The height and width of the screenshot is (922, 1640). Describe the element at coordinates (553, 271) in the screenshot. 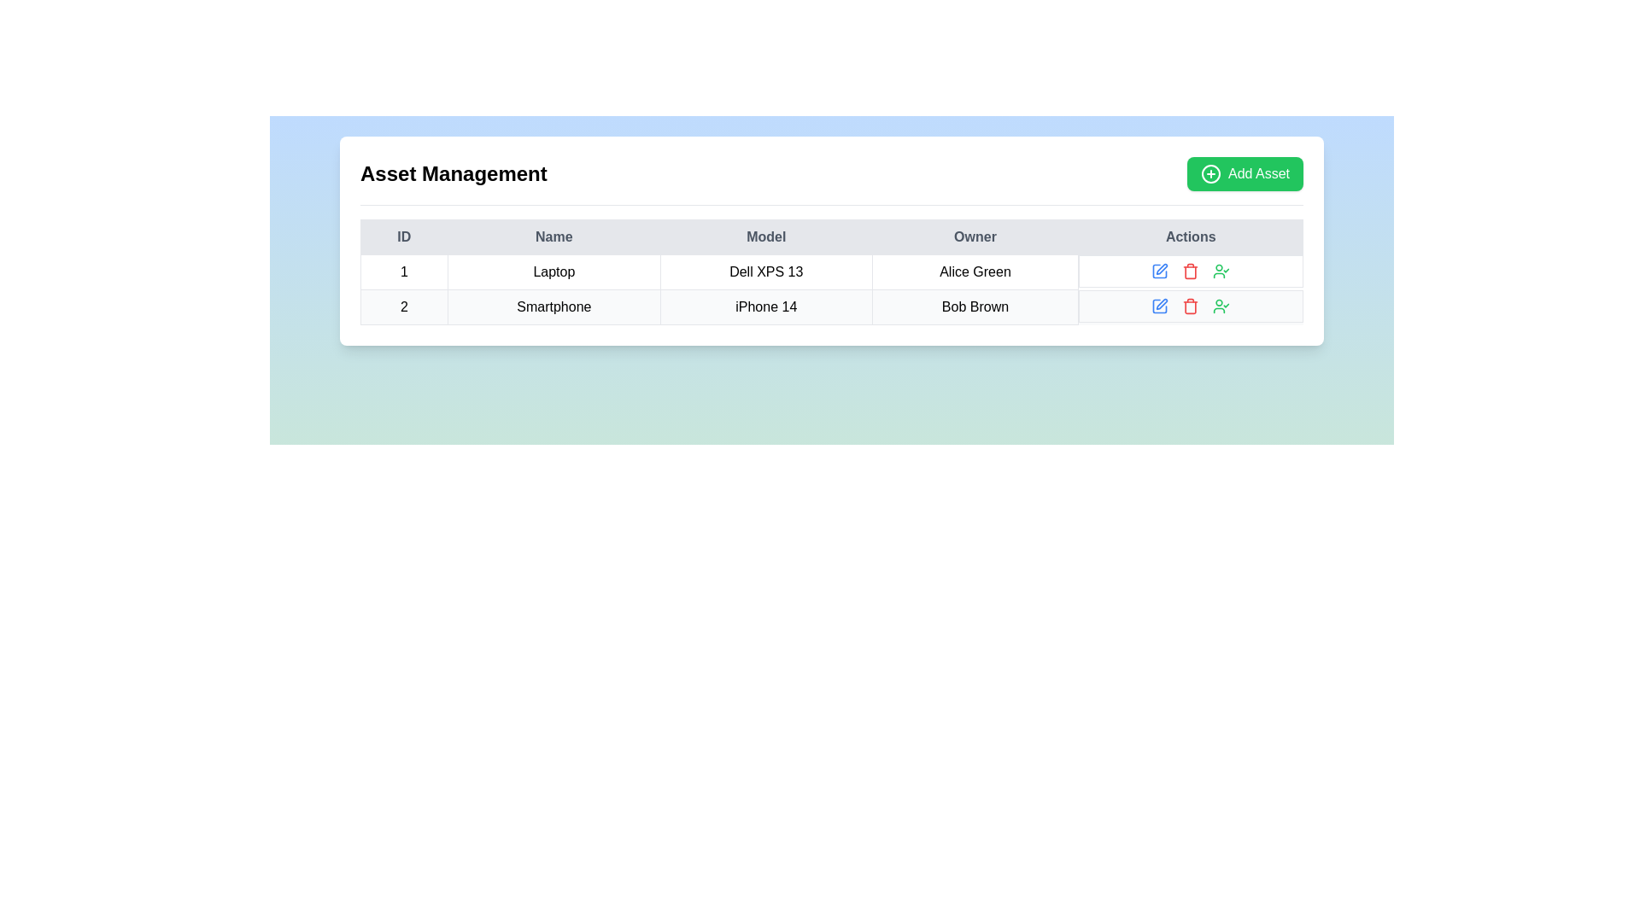

I see `the Text label displaying the category 'Laptop' in the second column of the first row of the table, located between the 'ID' and 'Model' columns` at that location.